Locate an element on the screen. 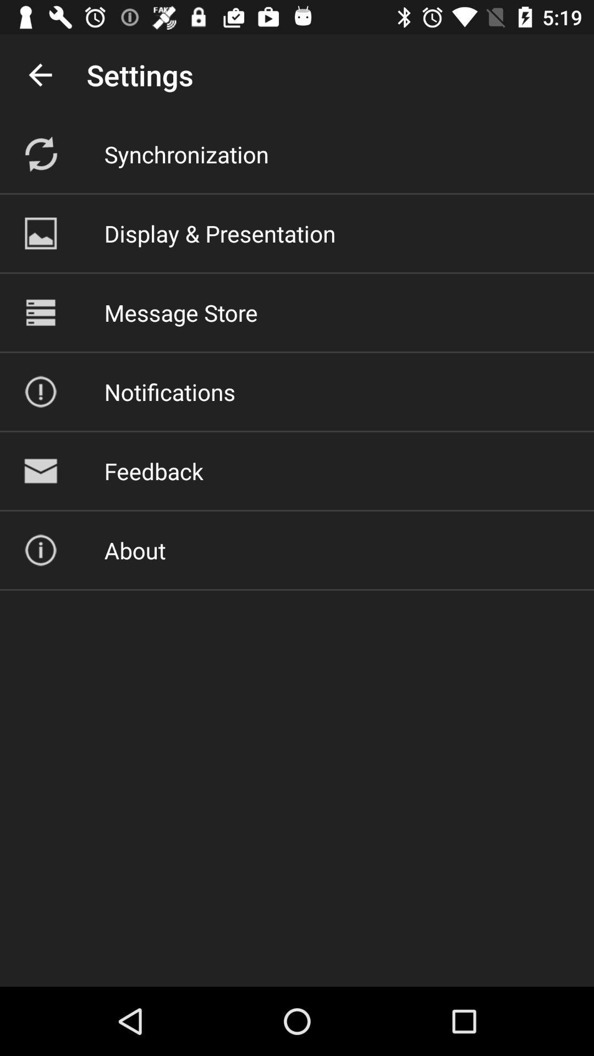 This screenshot has height=1056, width=594. the icon next to settings is located at coordinates (40, 74).